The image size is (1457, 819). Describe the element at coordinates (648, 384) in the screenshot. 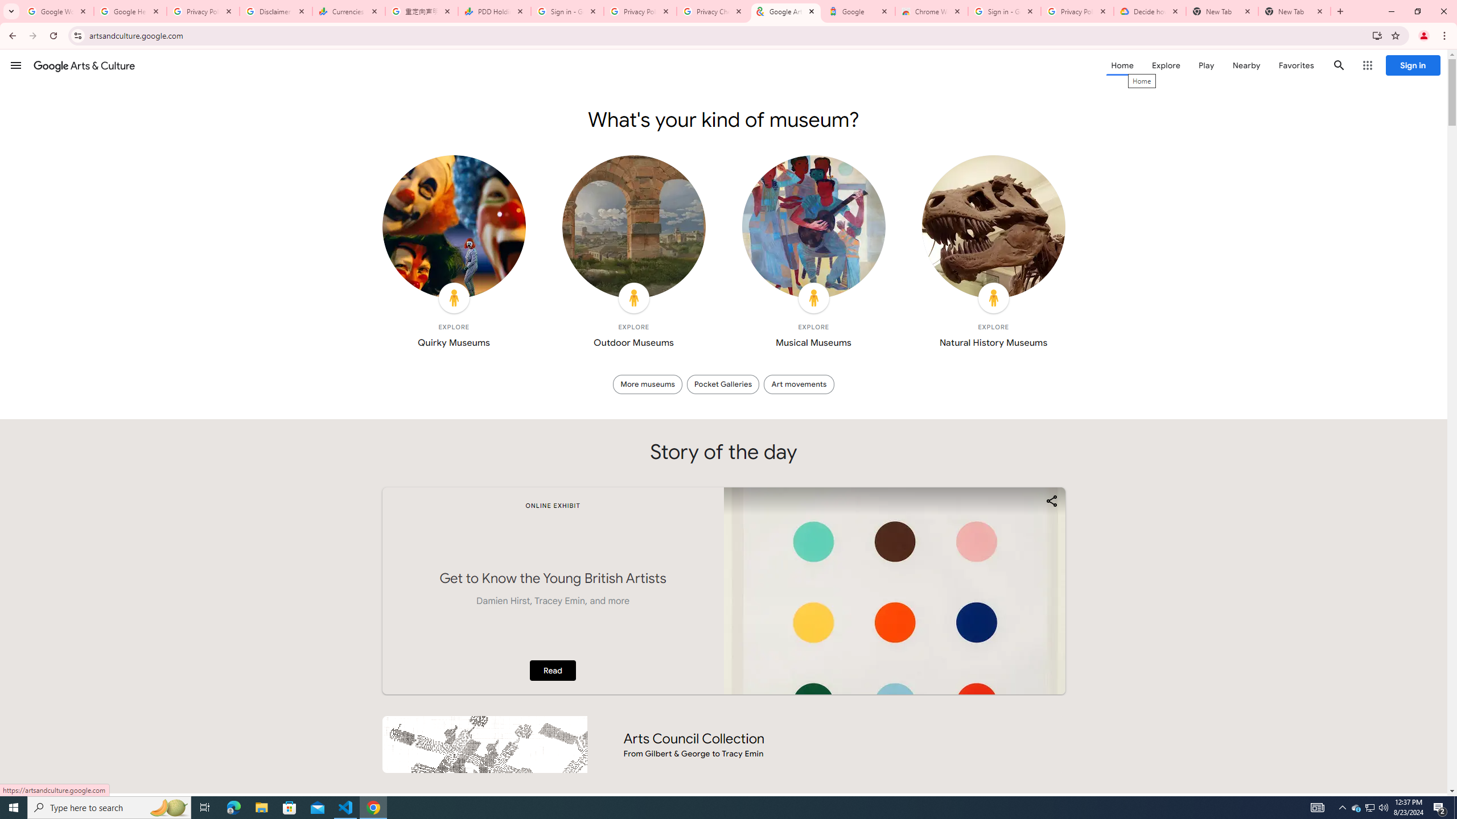

I see `'More museums'` at that location.